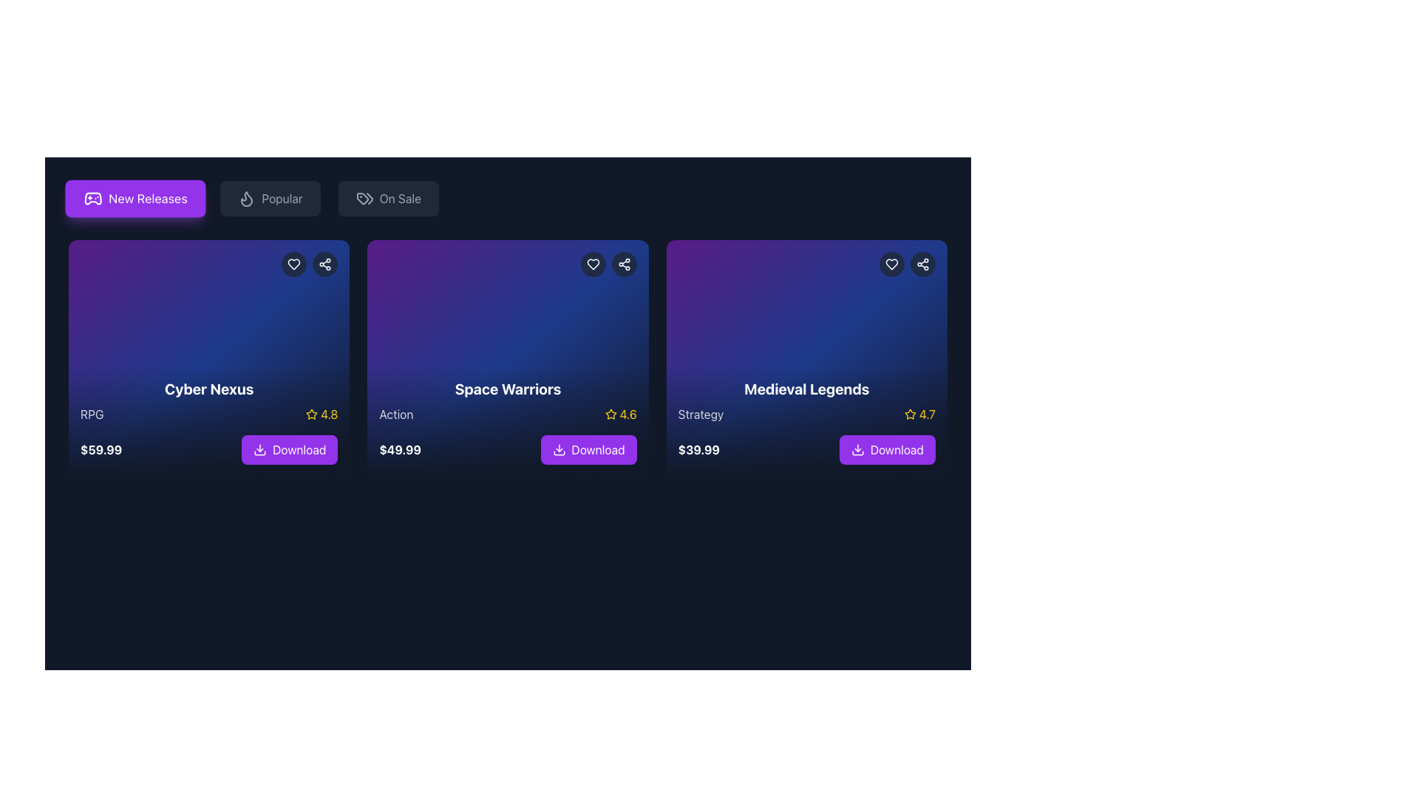  Describe the element at coordinates (610, 414) in the screenshot. I see `the yellow hollow star icon next to the numerical rating '4.6' for the item 'Space Warriors'` at that location.